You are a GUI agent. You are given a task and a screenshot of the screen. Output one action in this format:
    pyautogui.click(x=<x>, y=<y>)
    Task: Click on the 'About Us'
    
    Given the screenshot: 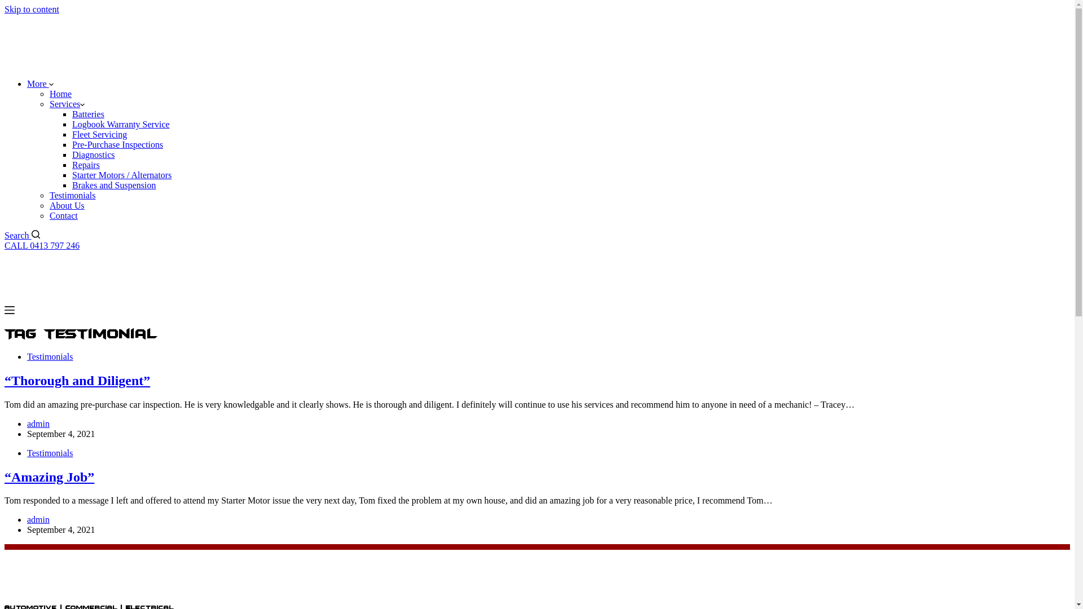 What is the action you would take?
    pyautogui.click(x=67, y=205)
    